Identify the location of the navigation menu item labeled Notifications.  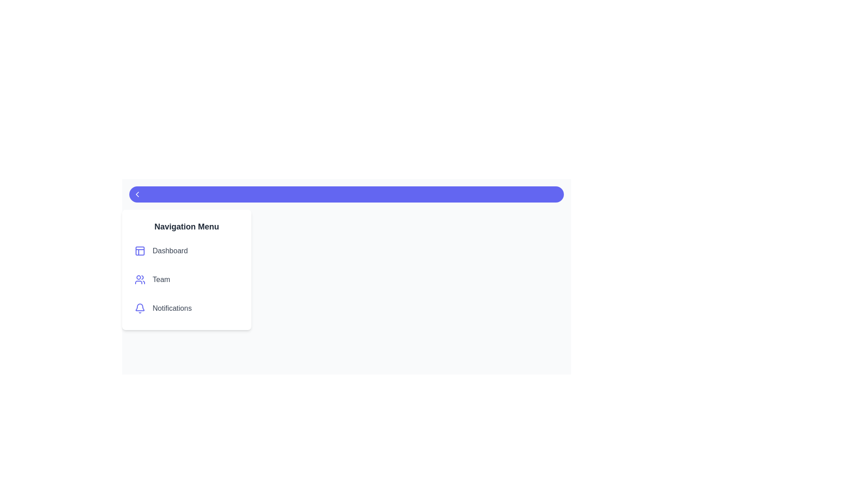
(186, 308).